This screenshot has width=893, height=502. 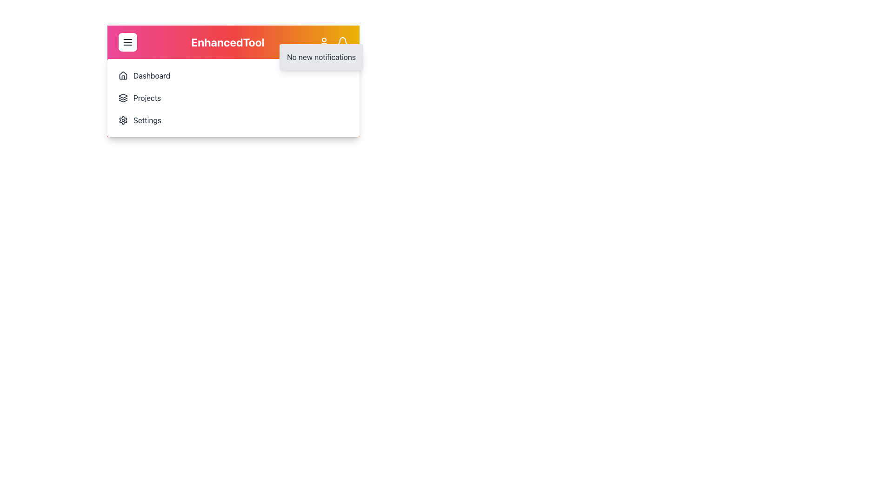 What do you see at coordinates (122, 75) in the screenshot?
I see `the first icon in the vertical list that represents the 'Dashboard' section` at bounding box center [122, 75].